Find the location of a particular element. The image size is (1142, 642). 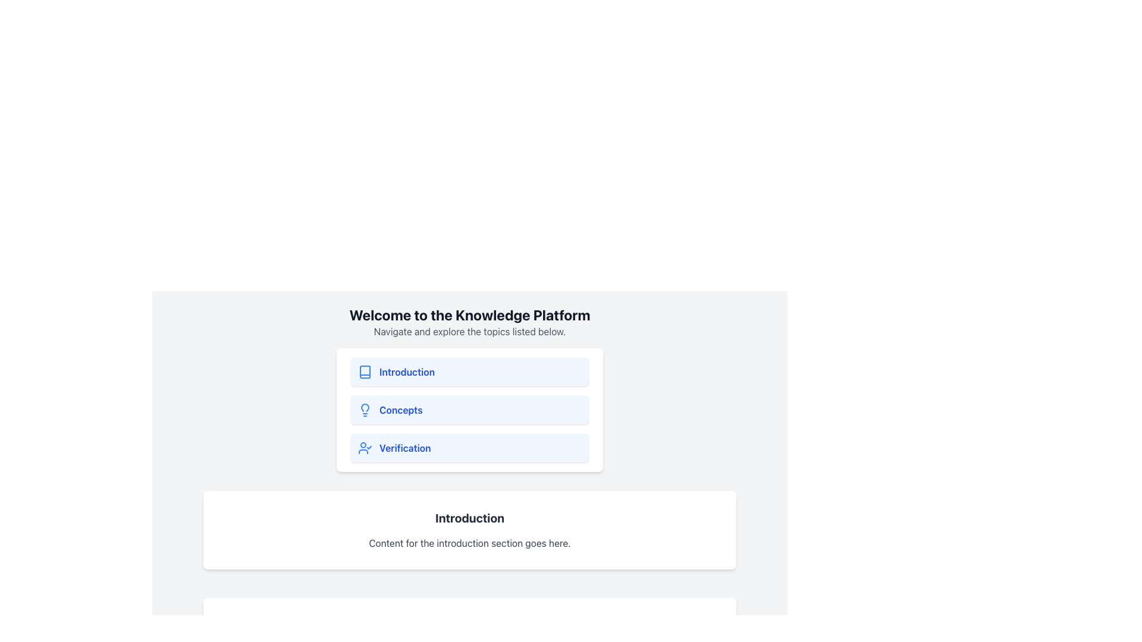

the bold blue text label displaying 'Introduction' within the clickable card at the top of the options list under 'Welcome to the Knowledge Platform' is located at coordinates (407, 371).